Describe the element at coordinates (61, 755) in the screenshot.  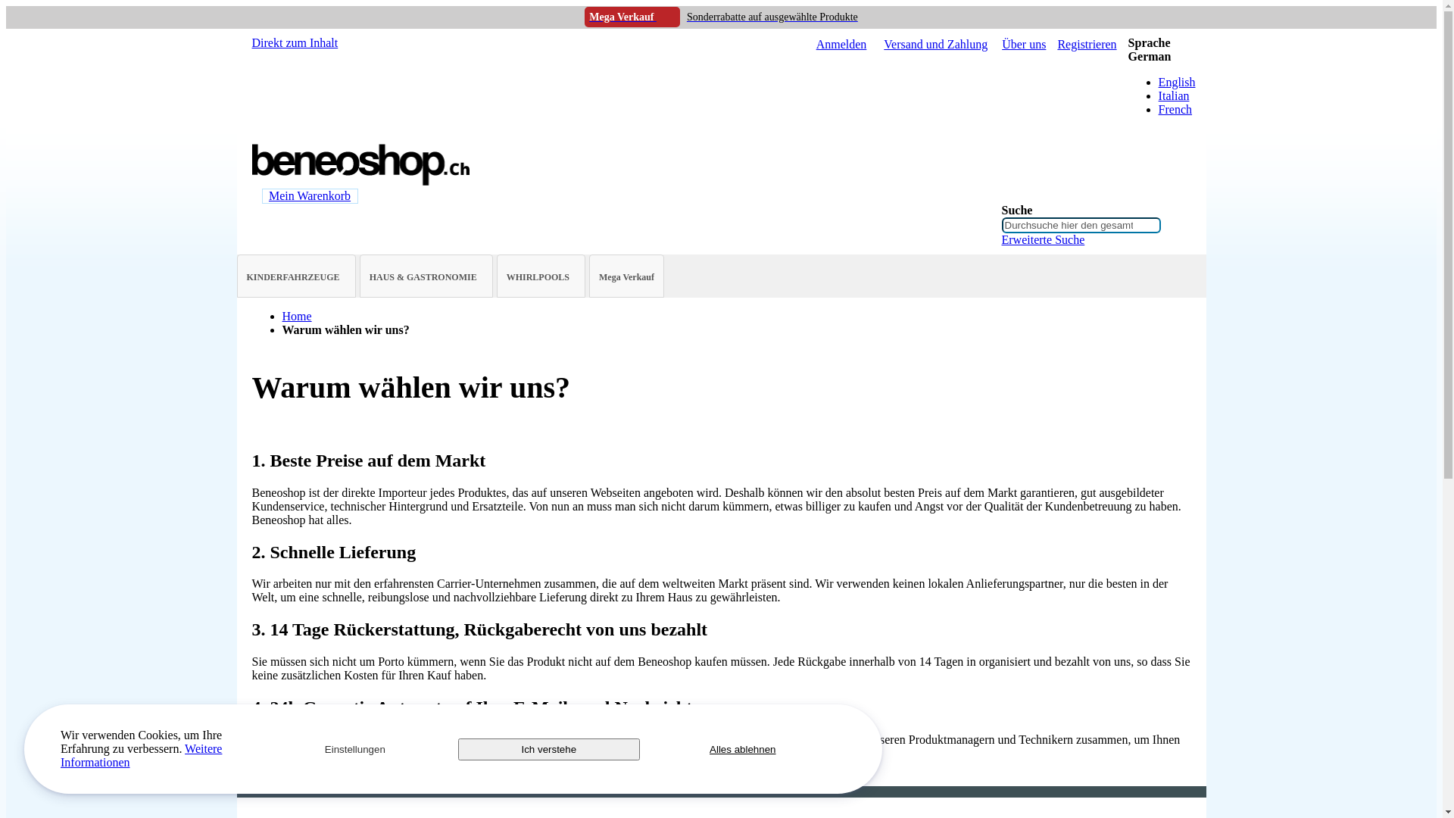
I see `'Weitere Informationen'` at that location.